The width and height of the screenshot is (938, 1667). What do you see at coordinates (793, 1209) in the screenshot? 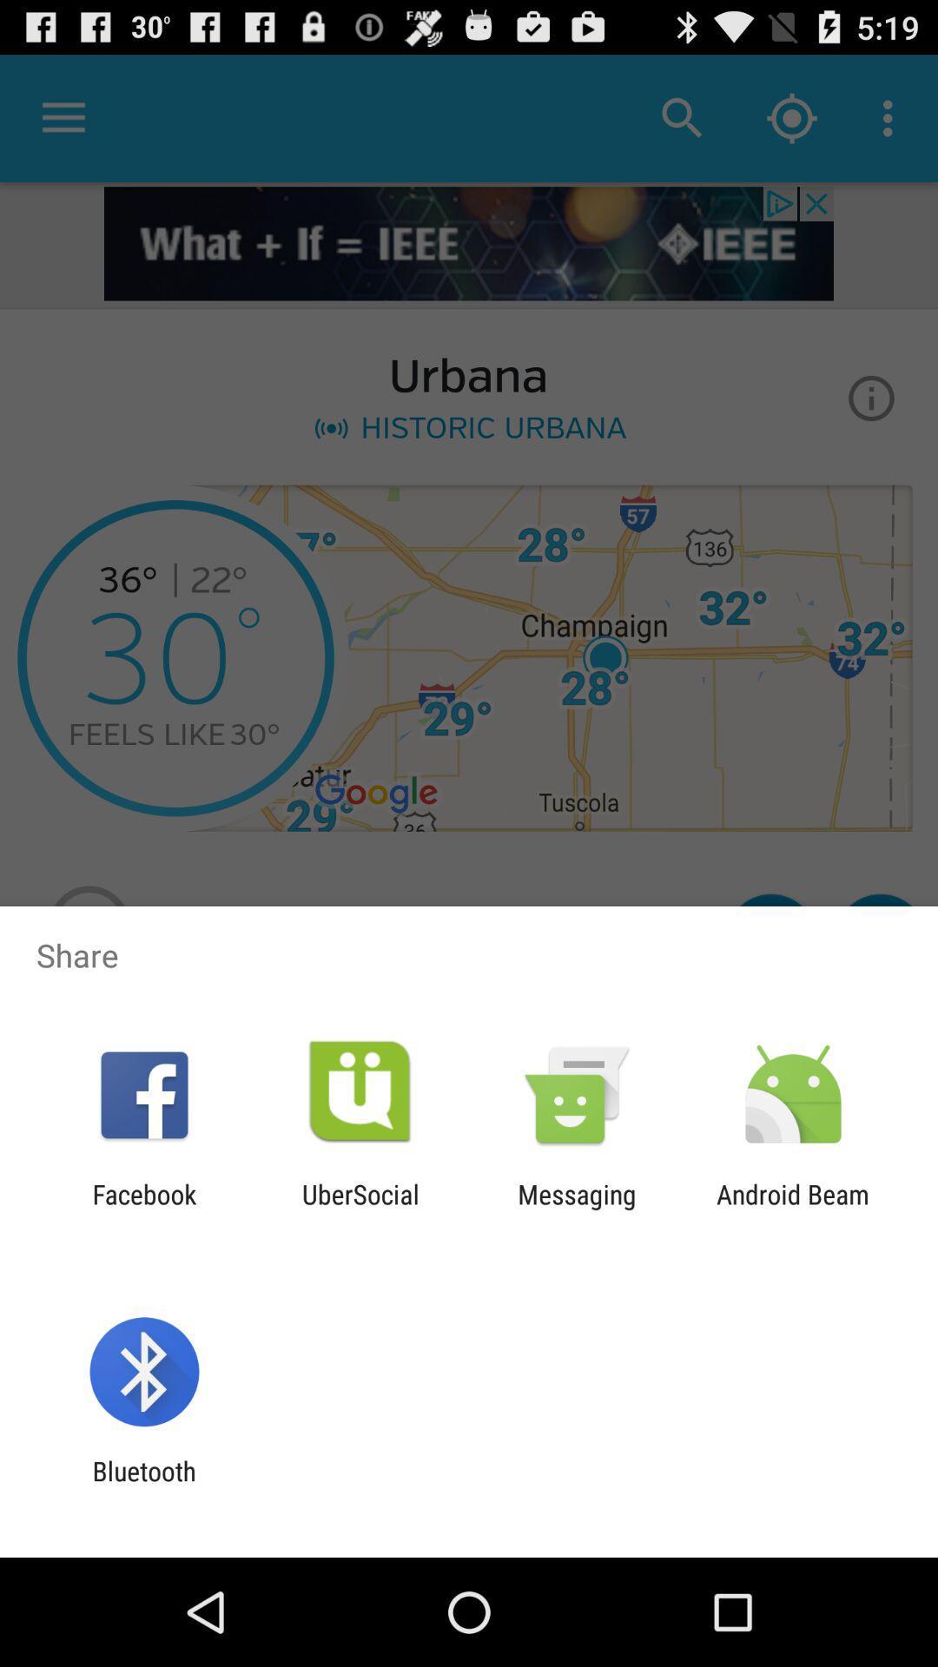
I see `the android beam` at bounding box center [793, 1209].